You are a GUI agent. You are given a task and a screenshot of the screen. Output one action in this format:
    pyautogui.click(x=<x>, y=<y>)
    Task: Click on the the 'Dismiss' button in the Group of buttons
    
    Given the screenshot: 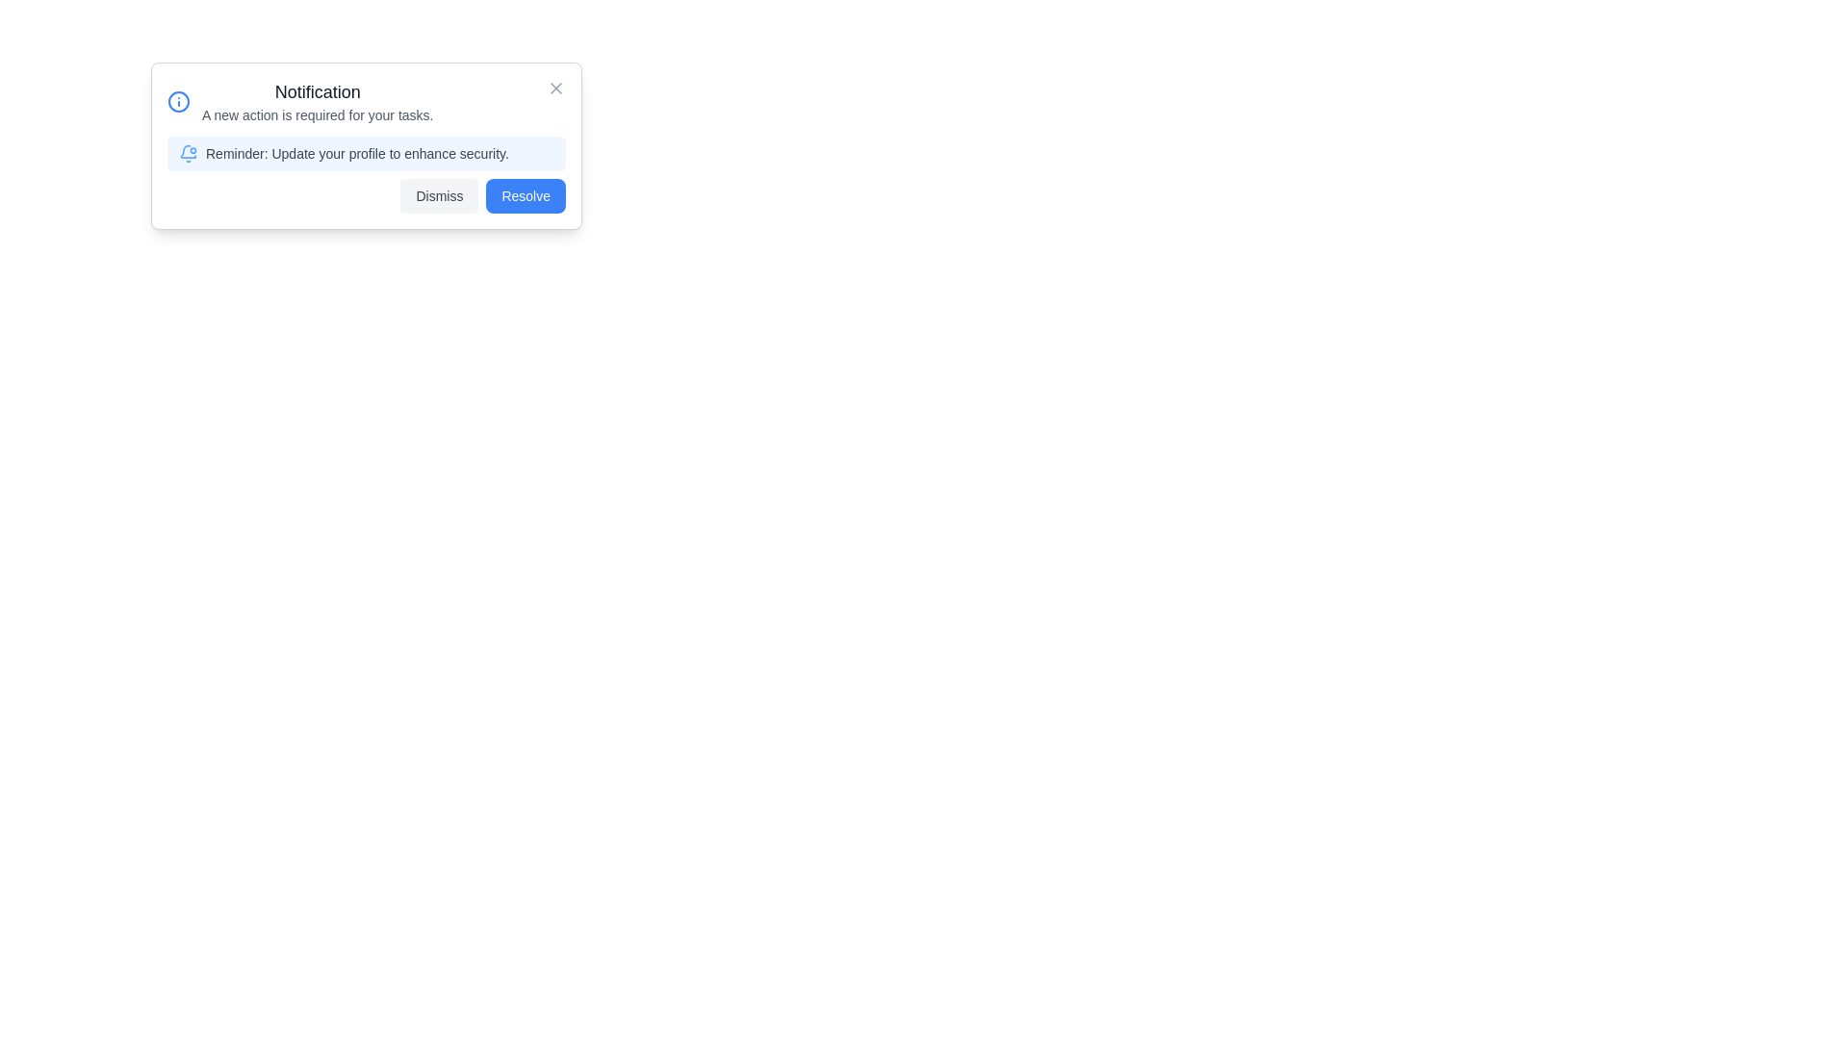 What is the action you would take?
    pyautogui.click(x=366, y=196)
    